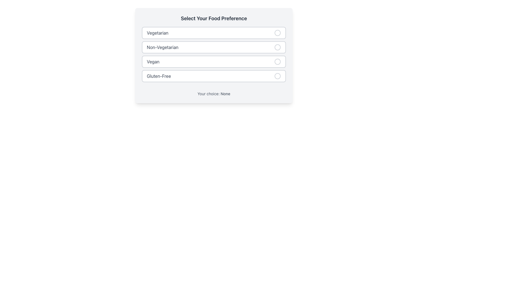  I want to click on text label that says 'Gluten-Free', which is styled in gray color and is centrally aligned within the fourth option of the food preferences list, so click(158, 76).